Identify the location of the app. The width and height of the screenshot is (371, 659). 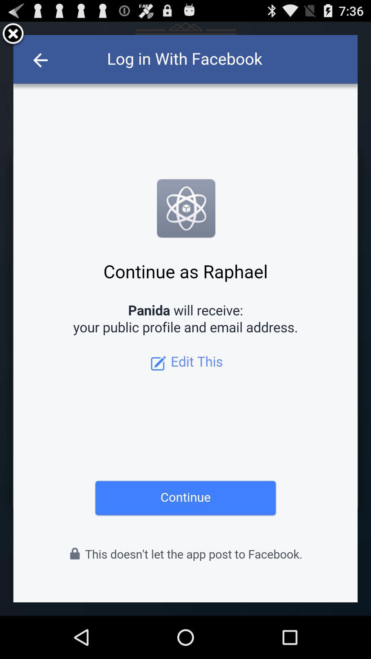
(13, 34).